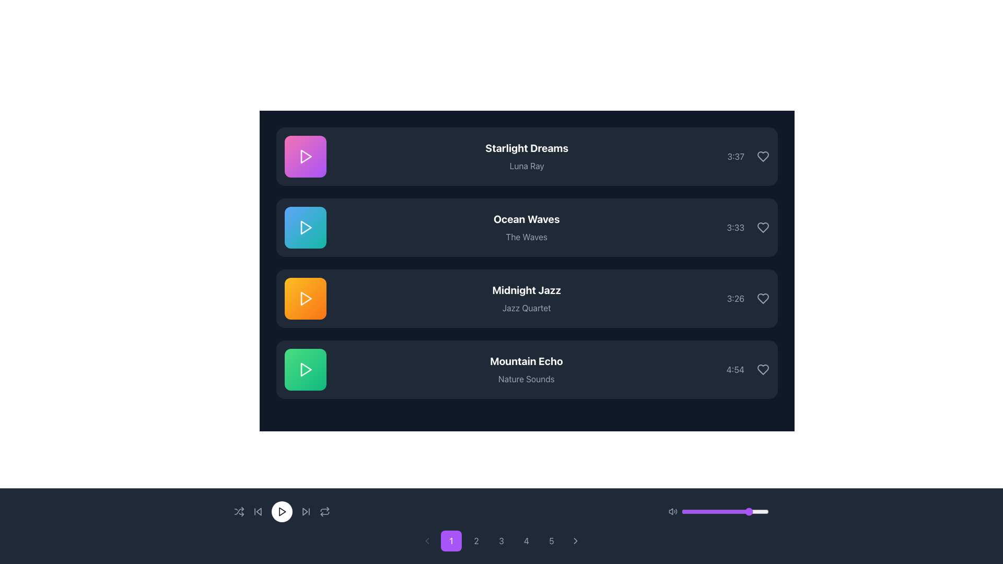  Describe the element at coordinates (282, 511) in the screenshot. I see `the circular play button with a triangular play icon in the bottom control panel` at that location.